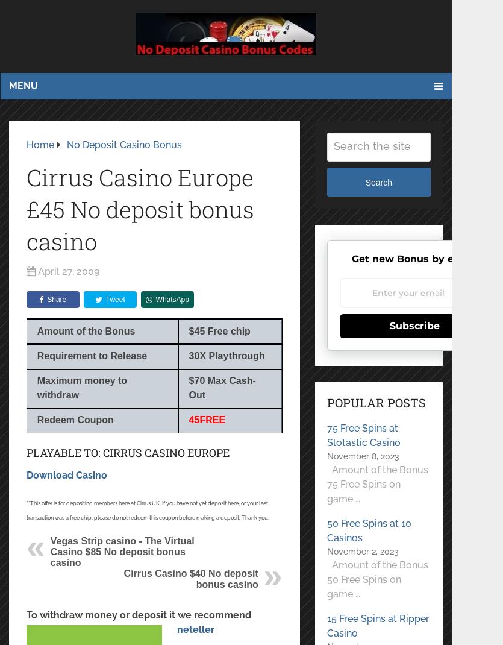 The image size is (503, 645). I want to click on '30', so click(188, 355).